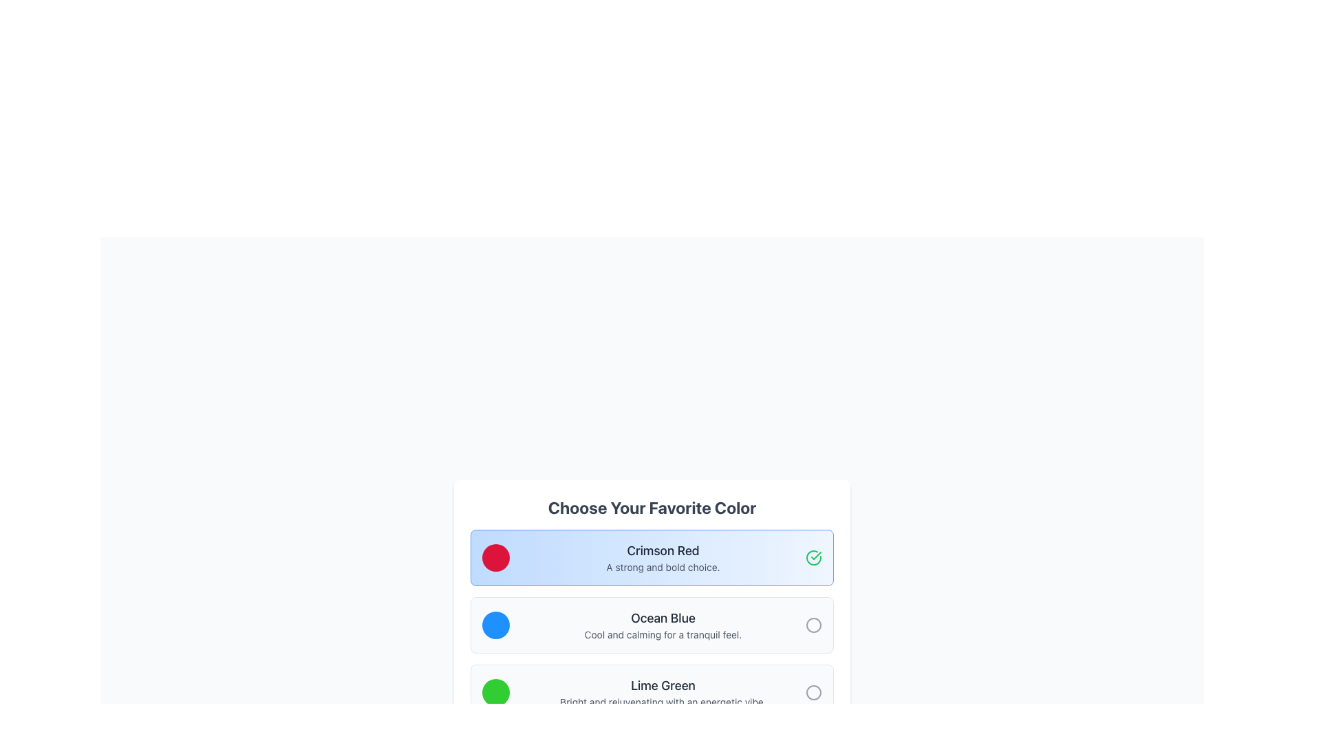  What do you see at coordinates (663, 625) in the screenshot?
I see `the Text label displaying information about the 'Ocean Blue' color, which is located below the 'Crimson Red' option and above the 'Lime Green' option in the vertical list of color options` at bounding box center [663, 625].